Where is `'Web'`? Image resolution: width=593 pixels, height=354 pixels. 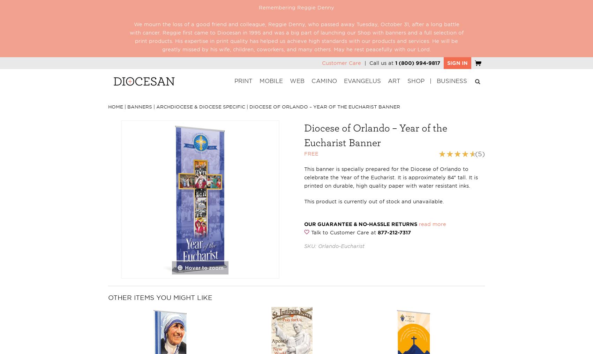 'Web' is located at coordinates (297, 81).